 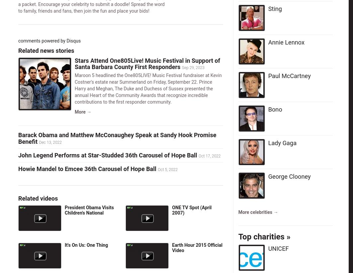 What do you see at coordinates (147, 63) in the screenshot?
I see `'Stars Attend One805Live! Music Festival in Support of Santa Barbara County First Responders'` at bounding box center [147, 63].